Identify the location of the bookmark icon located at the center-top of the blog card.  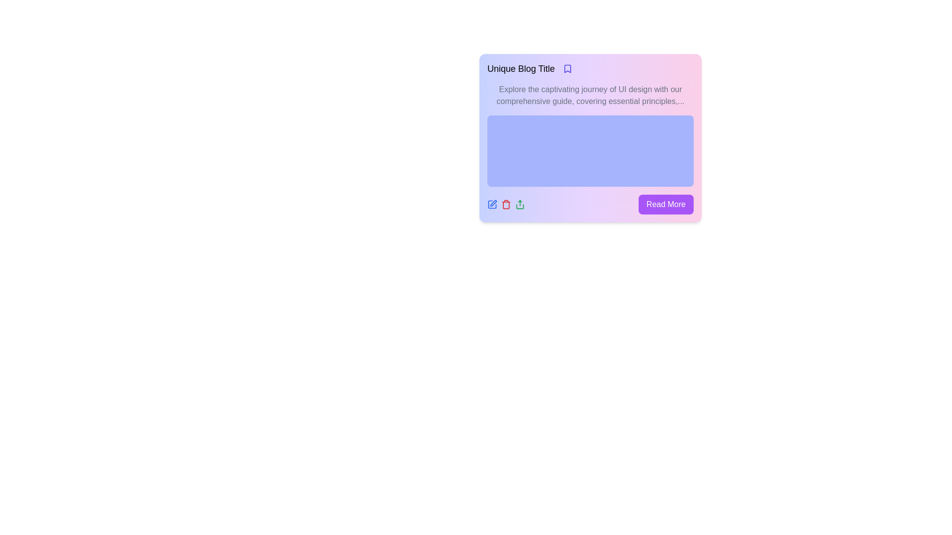
(568, 68).